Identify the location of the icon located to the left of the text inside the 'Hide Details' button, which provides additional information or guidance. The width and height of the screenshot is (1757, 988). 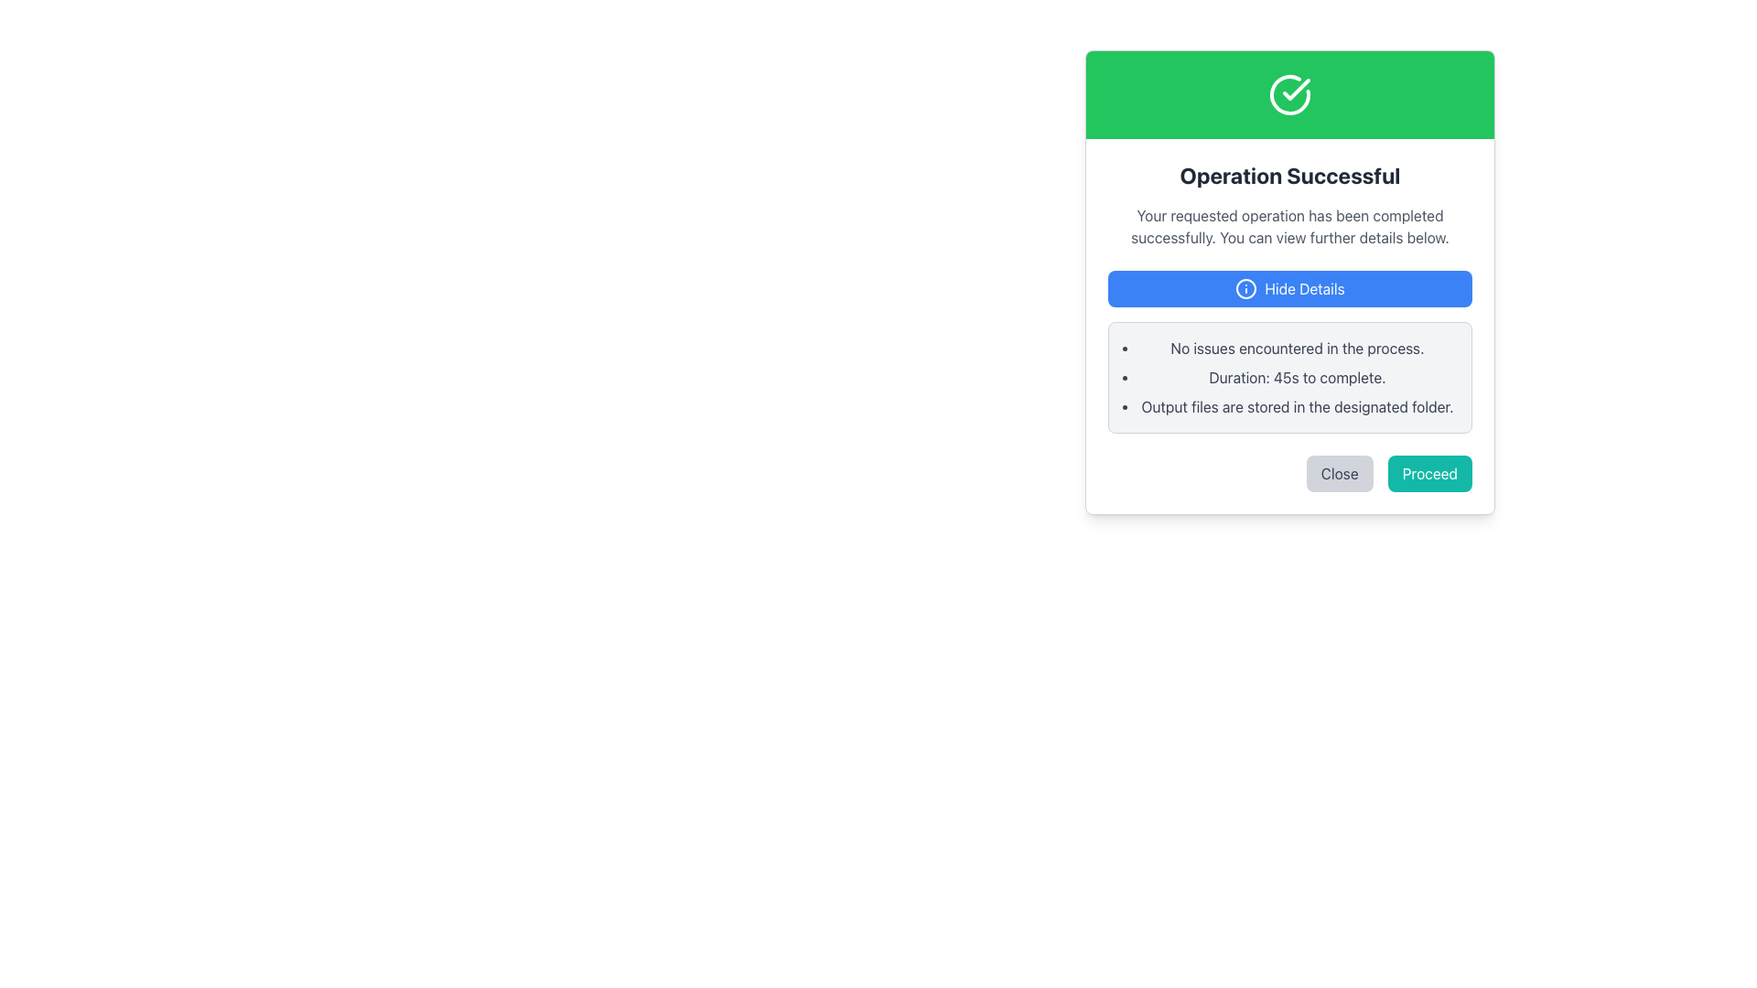
(1245, 288).